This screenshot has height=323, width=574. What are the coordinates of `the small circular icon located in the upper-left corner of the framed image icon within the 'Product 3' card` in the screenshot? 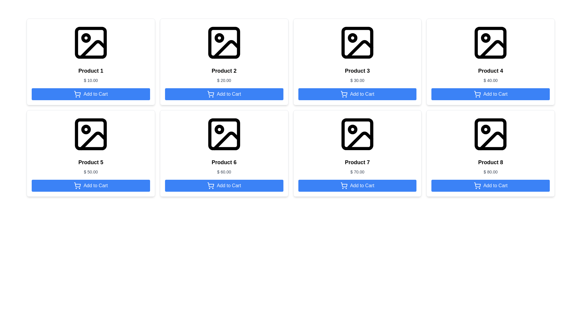 It's located at (352, 38).